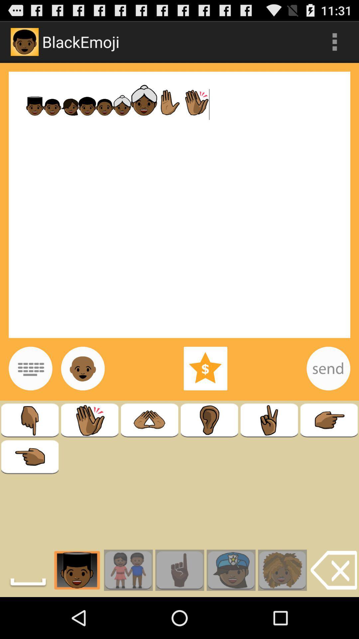 This screenshot has width=359, height=639. I want to click on keswiftkey, so click(30, 368).